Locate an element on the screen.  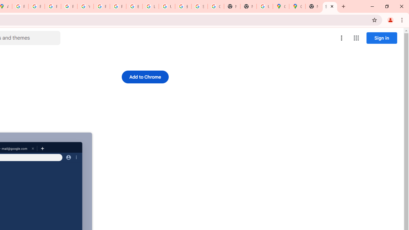
'Google Maps' is located at coordinates (297, 6).